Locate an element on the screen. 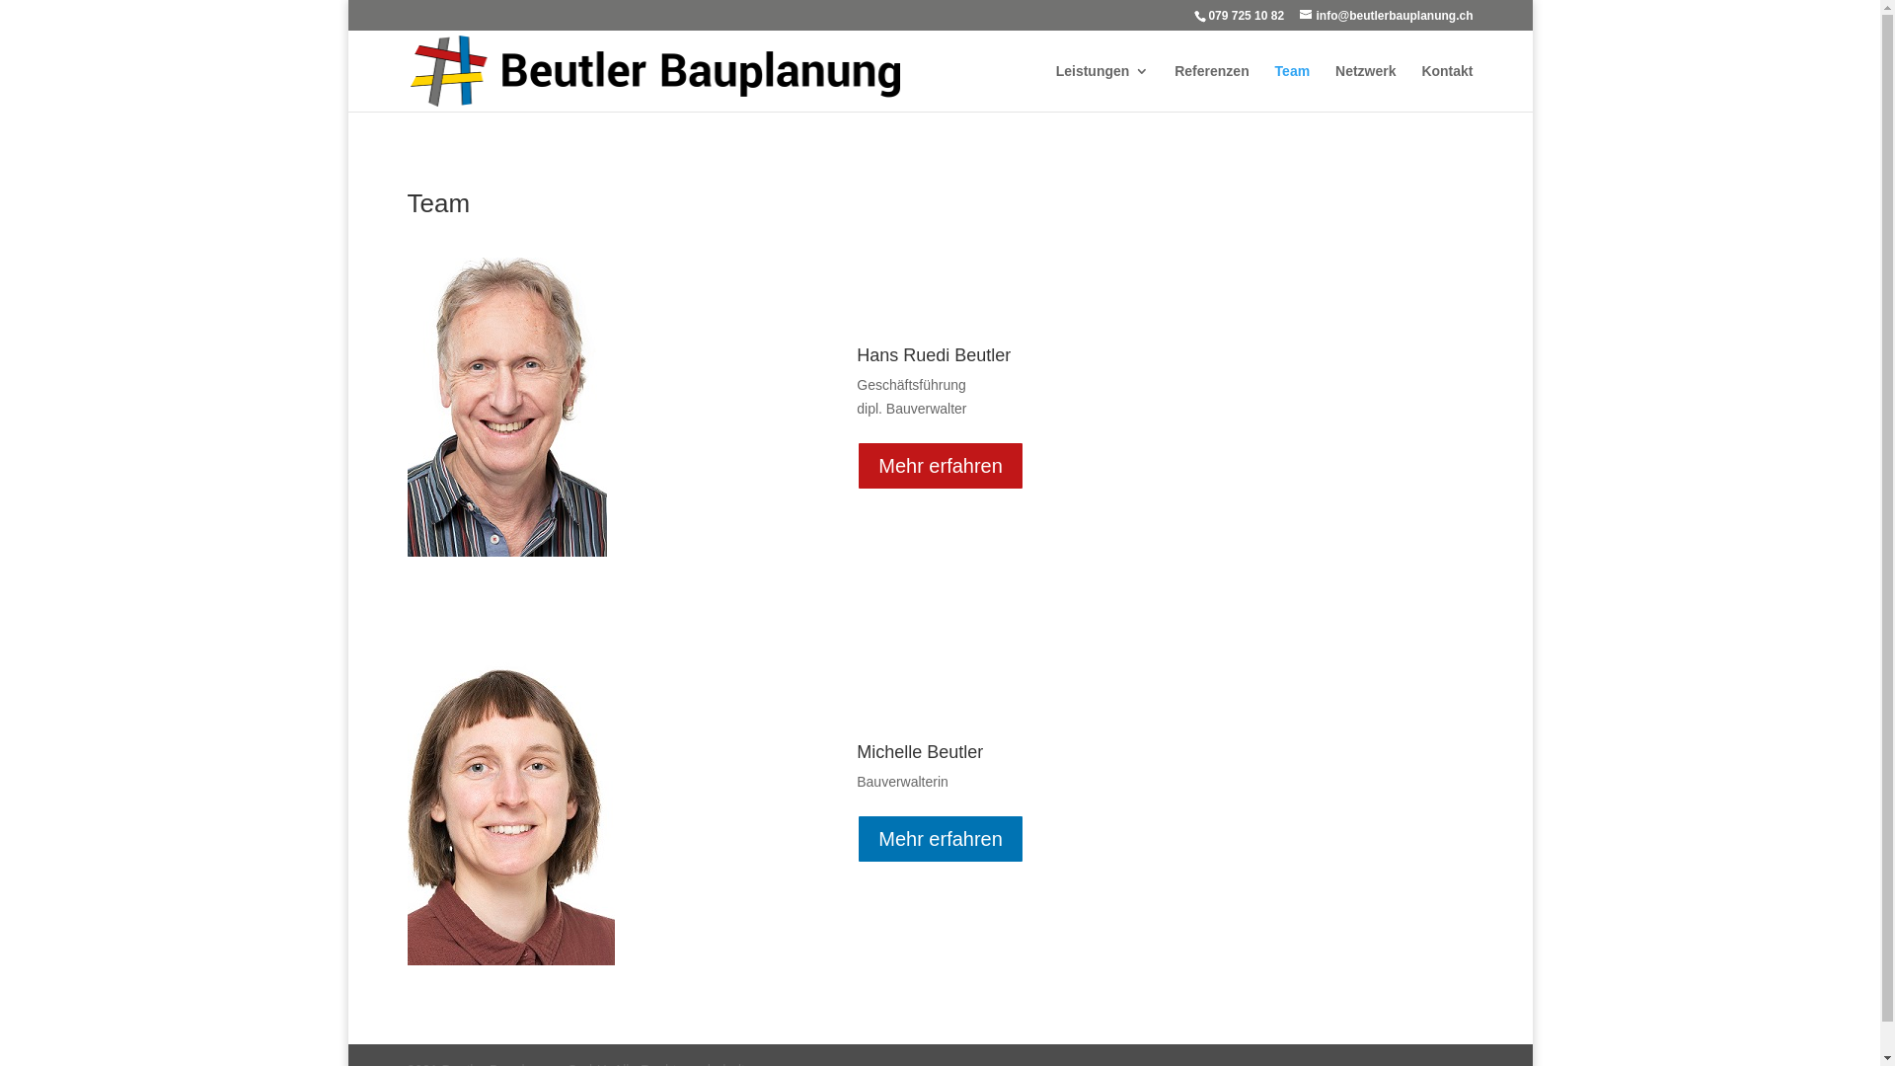  'Beutler_Michelle' is located at coordinates (406, 809).